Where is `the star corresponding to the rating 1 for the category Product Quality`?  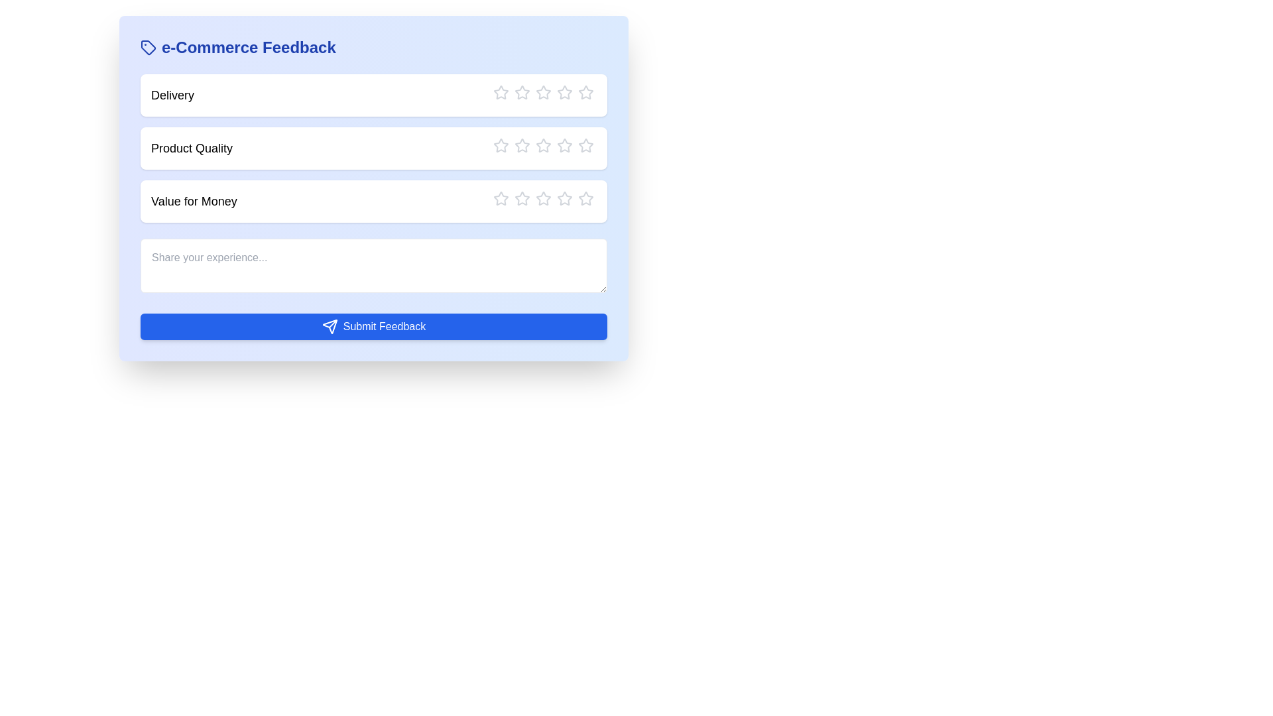 the star corresponding to the rating 1 for the category Product Quality is located at coordinates (493, 145).